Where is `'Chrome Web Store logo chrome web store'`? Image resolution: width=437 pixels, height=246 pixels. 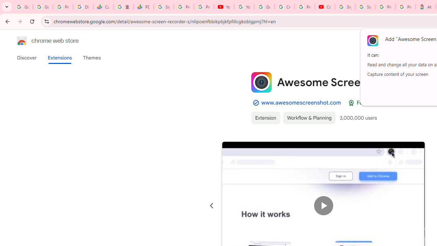
'Chrome Web Store logo chrome web store' is located at coordinates (40, 41).